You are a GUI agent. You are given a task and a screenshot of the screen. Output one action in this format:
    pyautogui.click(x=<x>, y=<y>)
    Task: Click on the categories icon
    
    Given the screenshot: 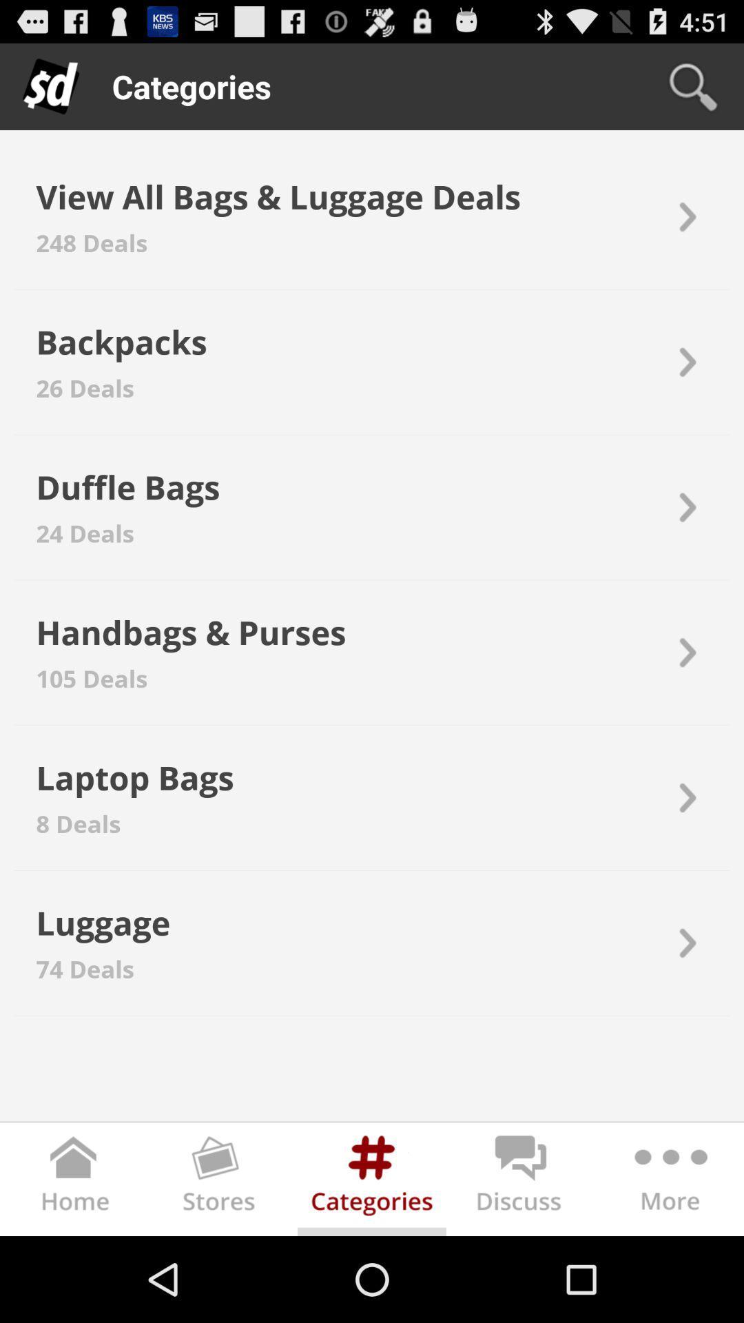 What is the action you would take?
    pyautogui.click(x=372, y=1182)
    